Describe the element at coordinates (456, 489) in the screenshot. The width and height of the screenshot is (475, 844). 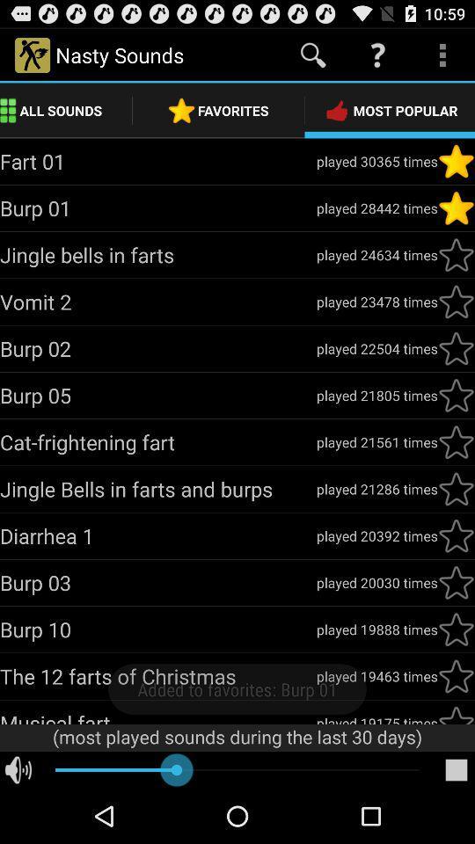
I see `favorite` at that location.